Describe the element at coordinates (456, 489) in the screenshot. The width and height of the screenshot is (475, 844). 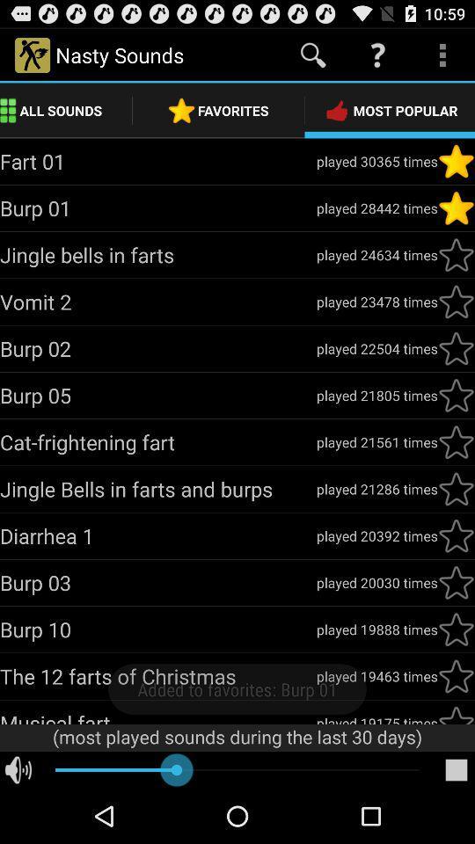
I see `favorite` at that location.